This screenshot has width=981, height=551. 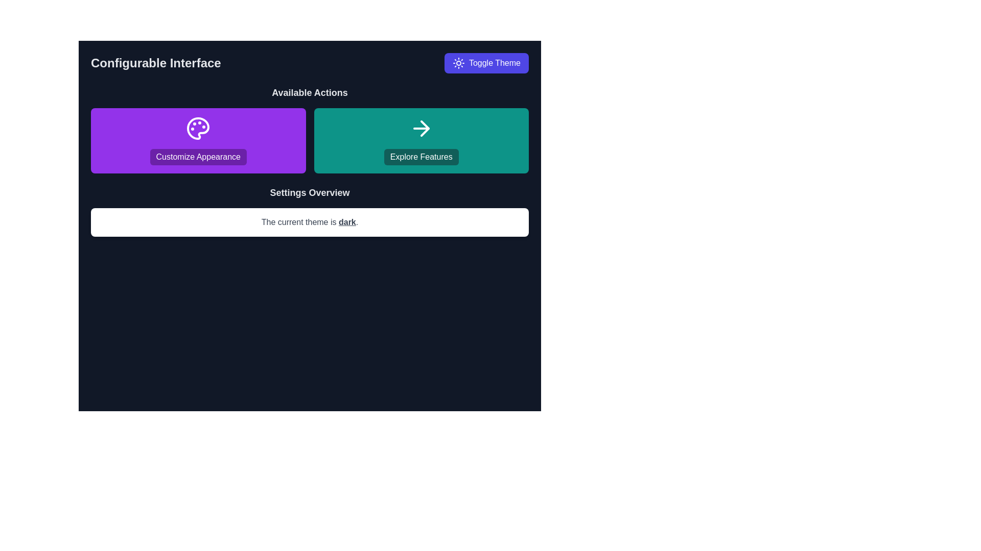 What do you see at coordinates (198, 141) in the screenshot?
I see `the rectangular purple button labeled 'Customize Appearance' with a white palette icon` at bounding box center [198, 141].